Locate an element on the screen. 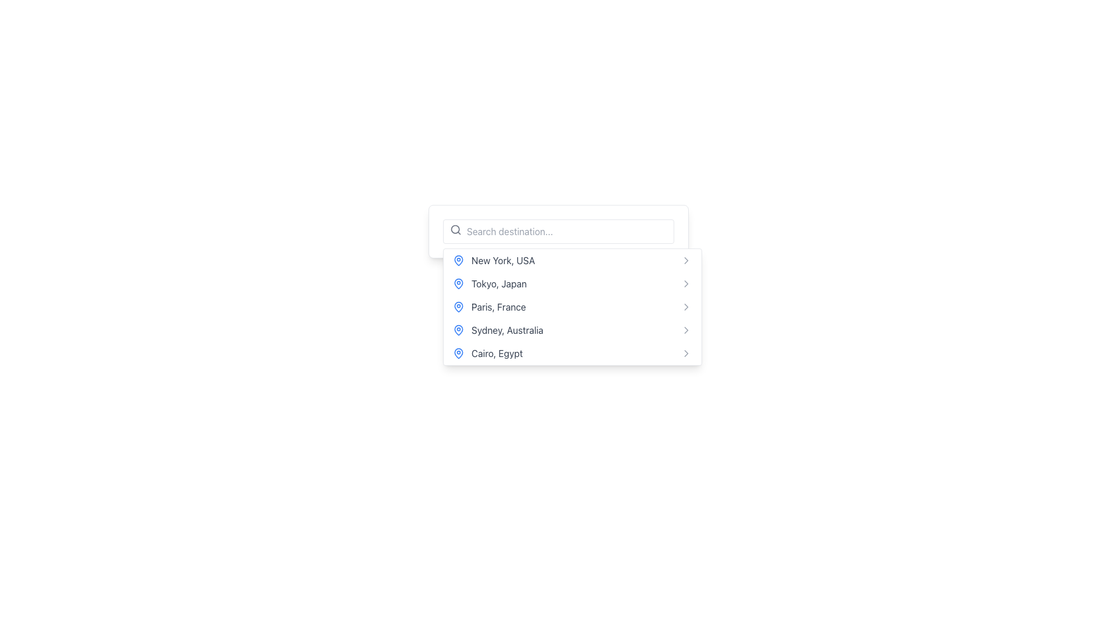 Image resolution: width=1115 pixels, height=627 pixels. the right-most icon in the row containing 'Sydney, Australia' is located at coordinates (686, 330).